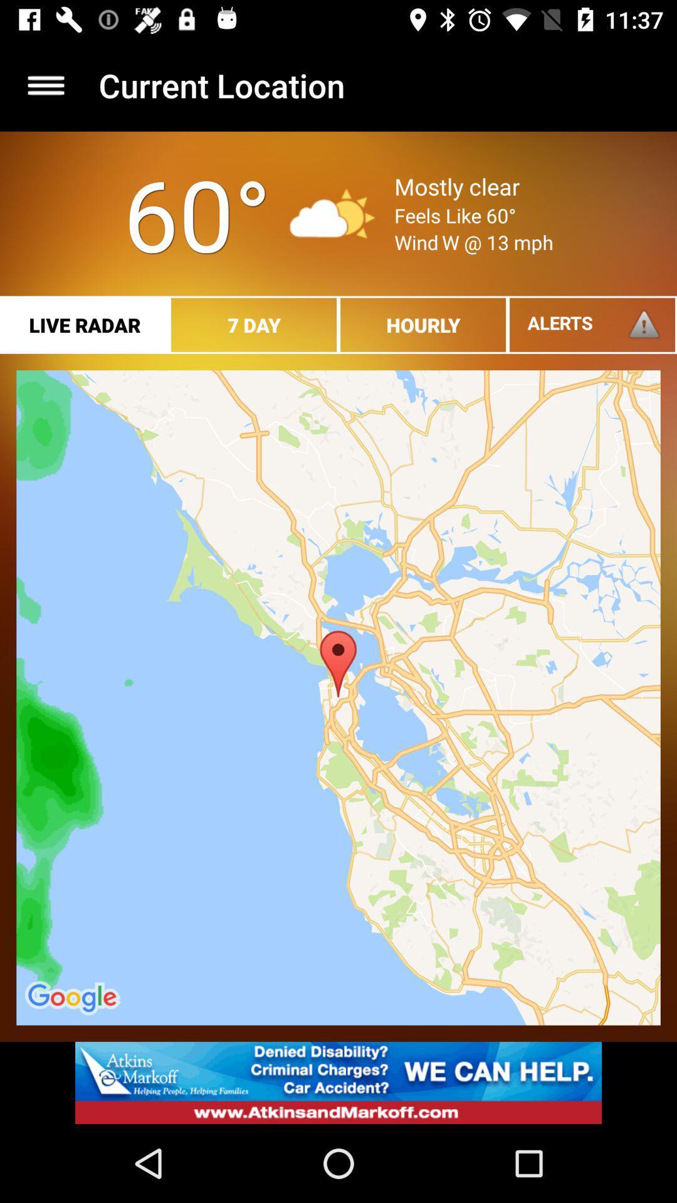 This screenshot has width=677, height=1203. Describe the element at coordinates (592, 325) in the screenshot. I see `the alerts` at that location.